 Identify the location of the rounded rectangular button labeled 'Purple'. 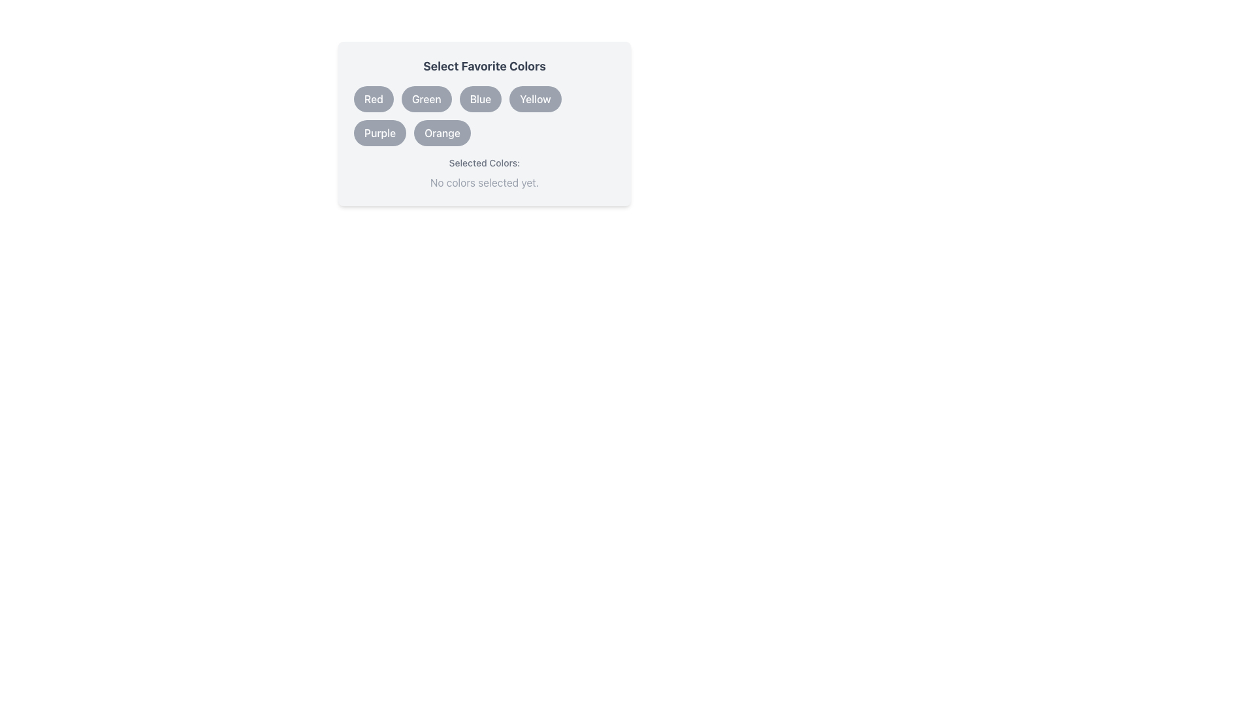
(379, 133).